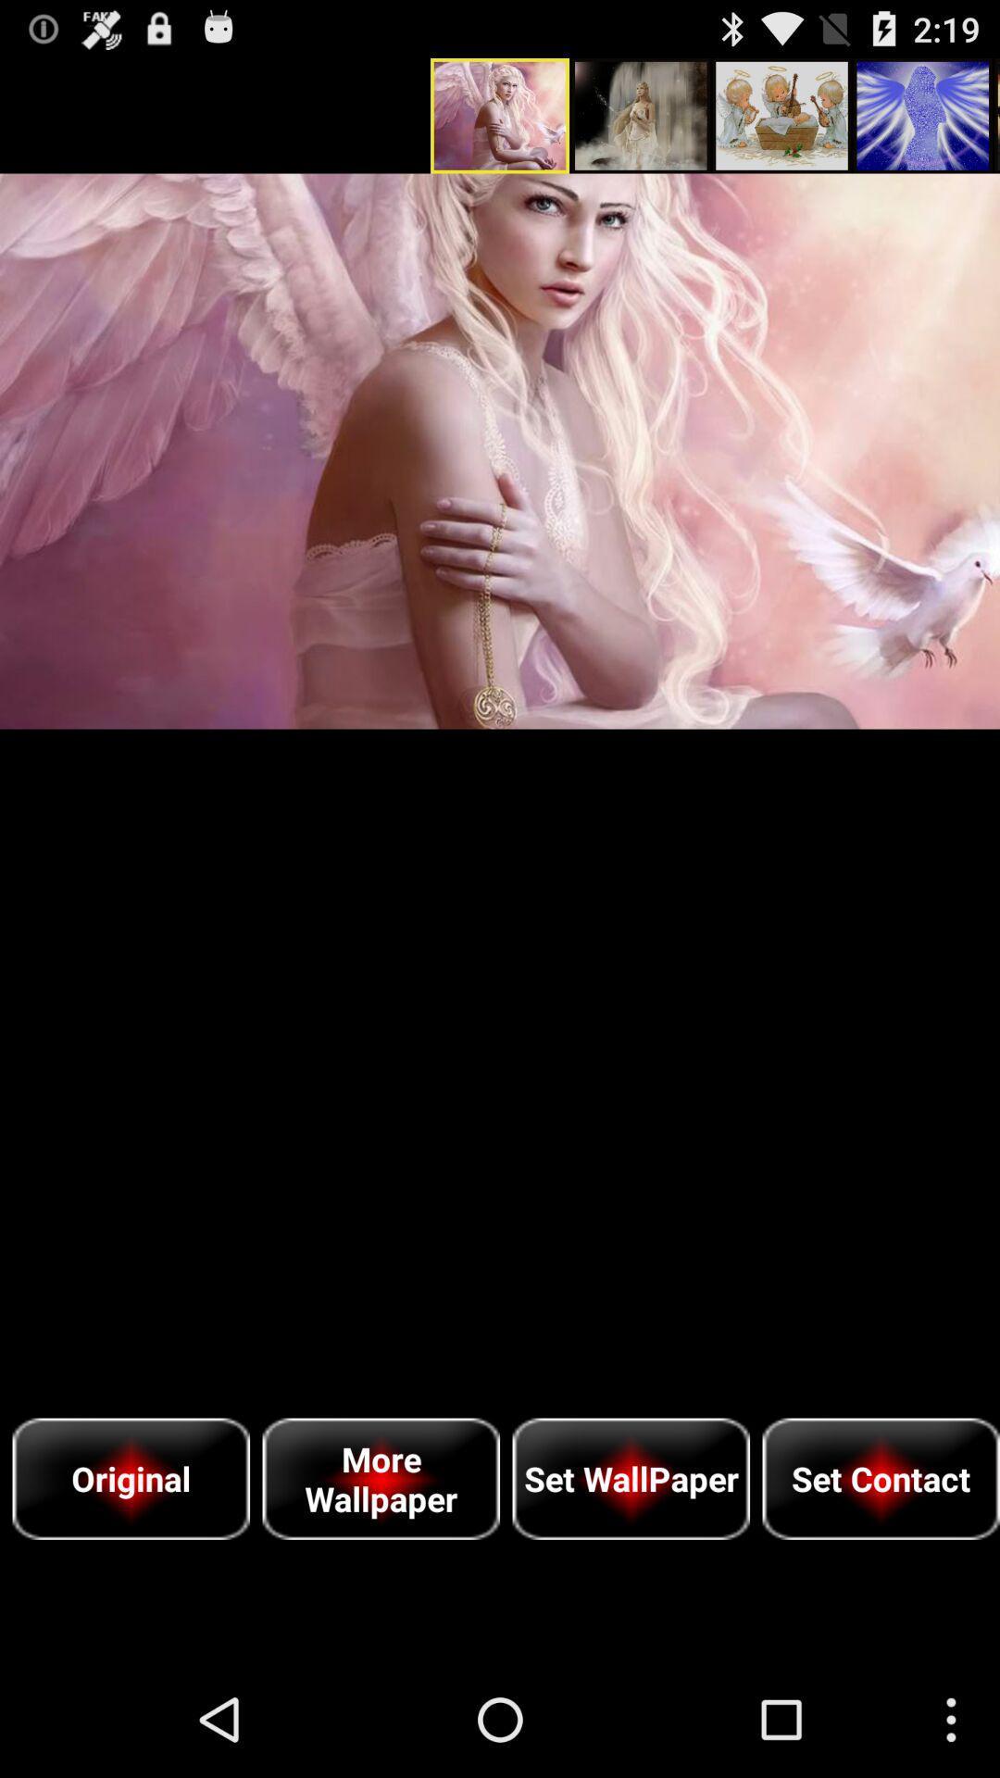 The height and width of the screenshot is (1778, 1000). I want to click on item next to the set contact item, so click(630, 1478).